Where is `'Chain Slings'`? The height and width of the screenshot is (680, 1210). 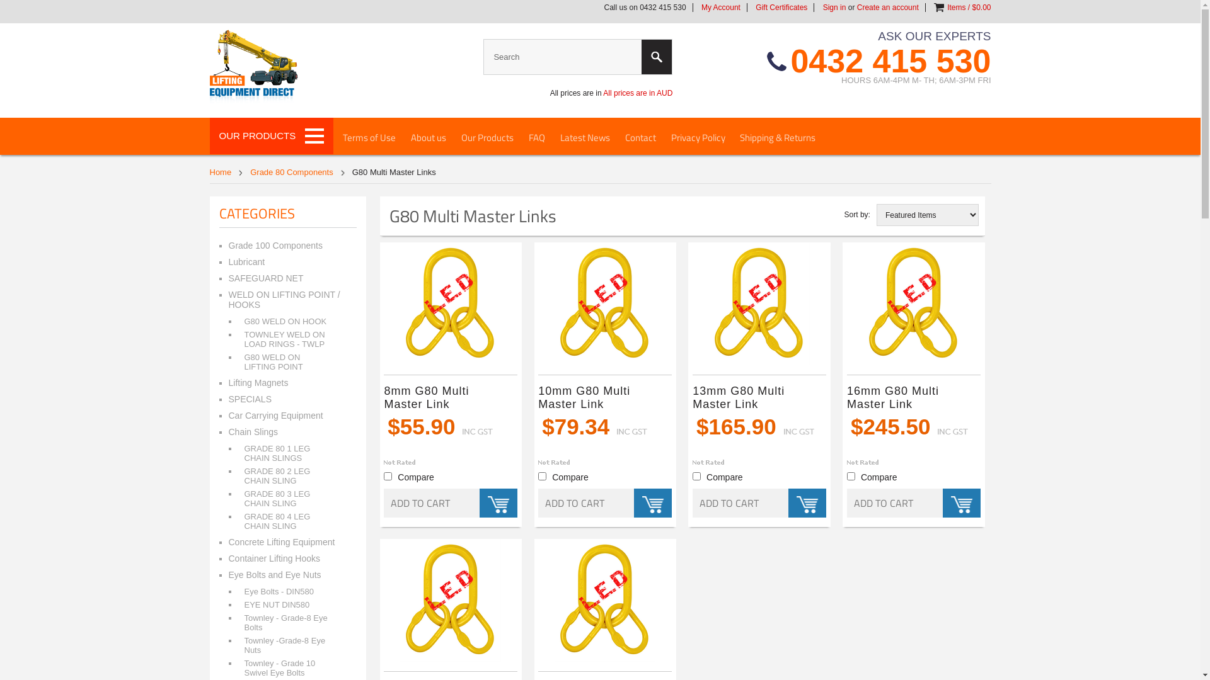
'Chain Slings' is located at coordinates (285, 431).